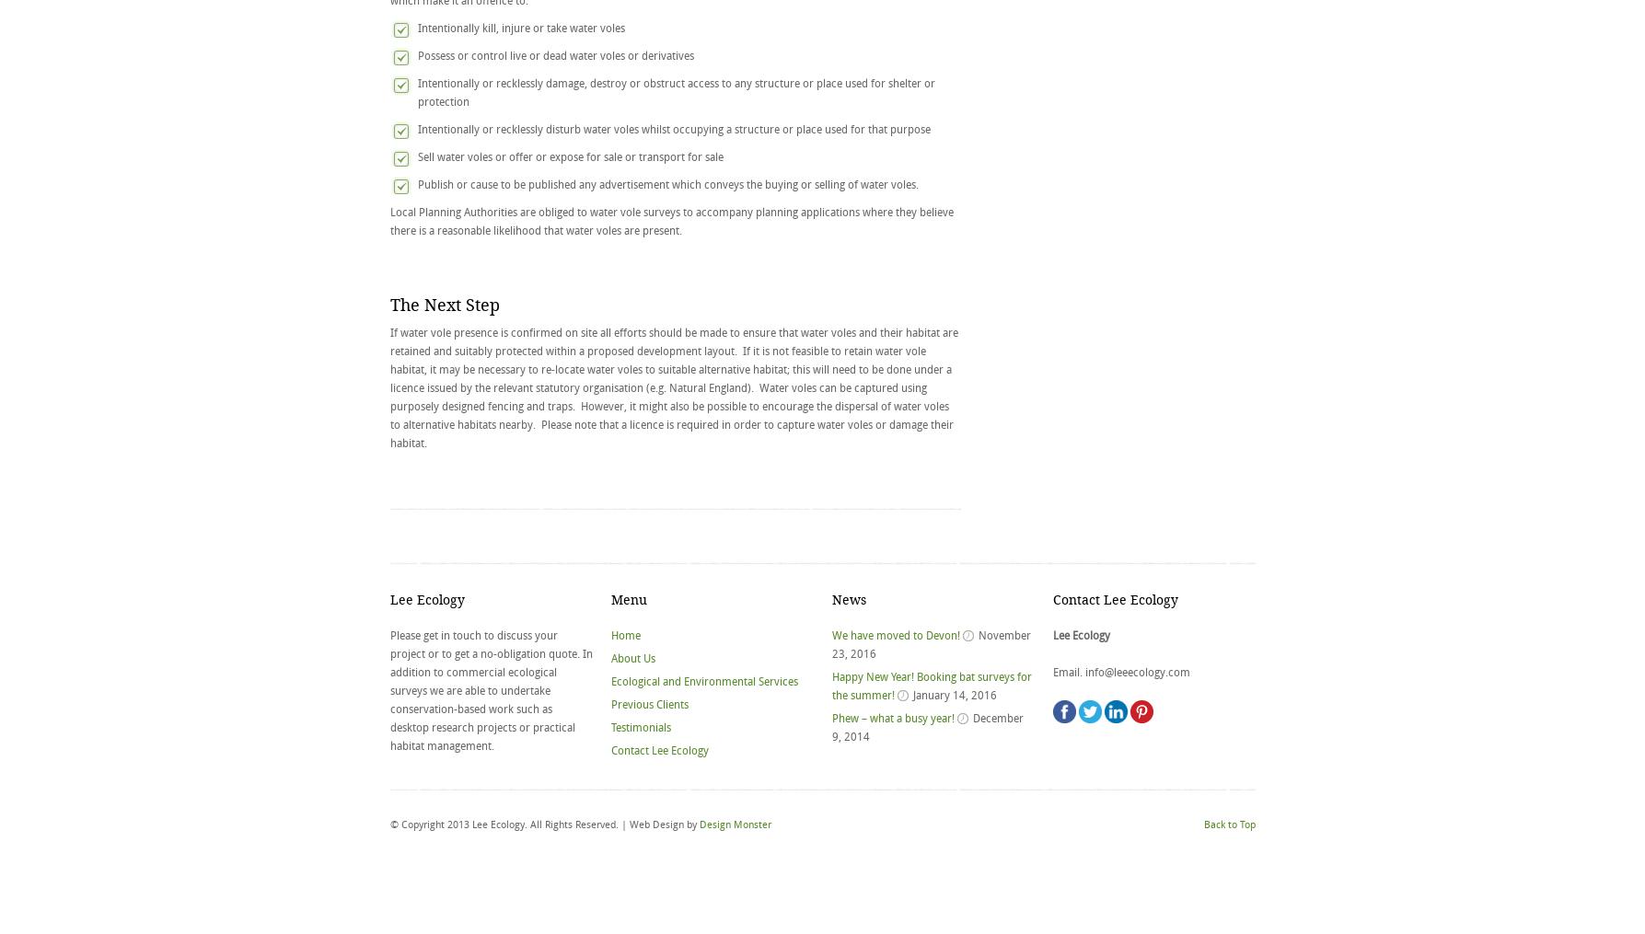  Describe the element at coordinates (627, 599) in the screenshot. I see `'Menu'` at that location.